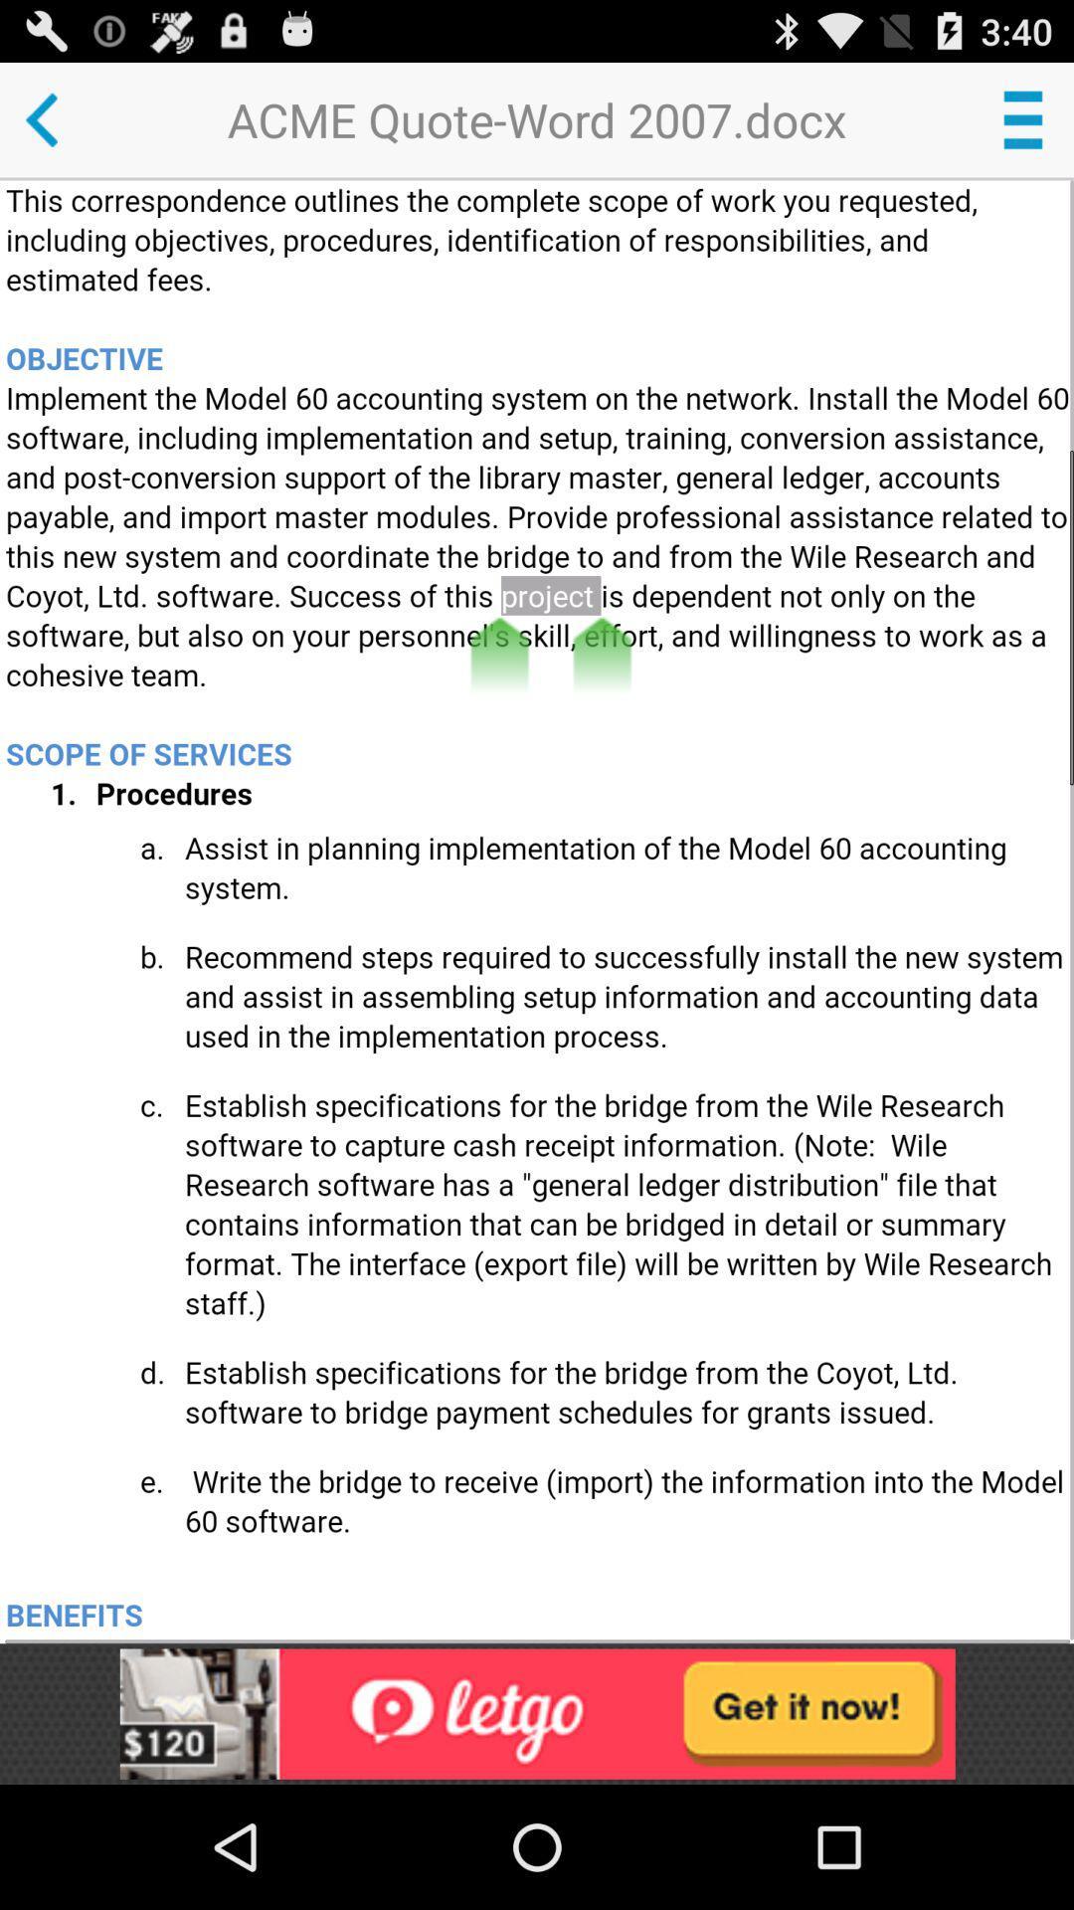 The width and height of the screenshot is (1074, 1910). Describe the element at coordinates (1022, 118) in the screenshot. I see `open navigation menu` at that location.